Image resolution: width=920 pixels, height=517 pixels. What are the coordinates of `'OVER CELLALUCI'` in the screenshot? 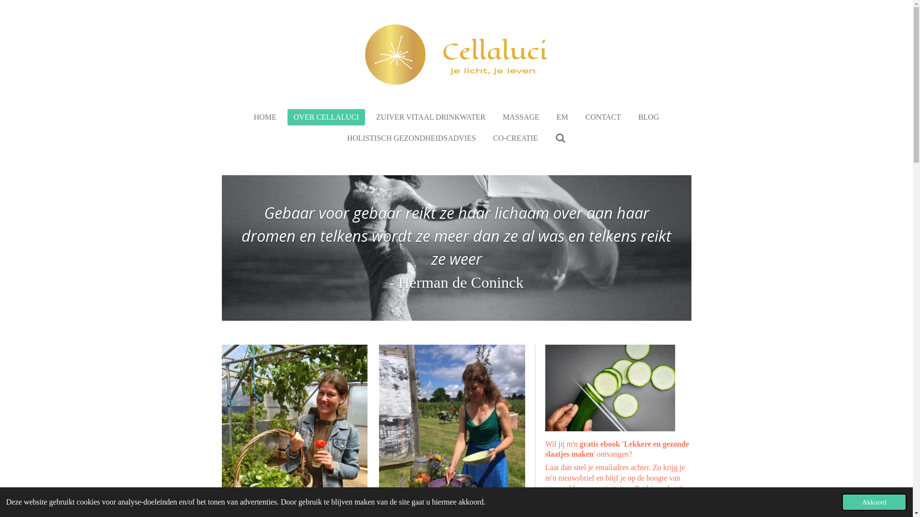 It's located at (326, 117).